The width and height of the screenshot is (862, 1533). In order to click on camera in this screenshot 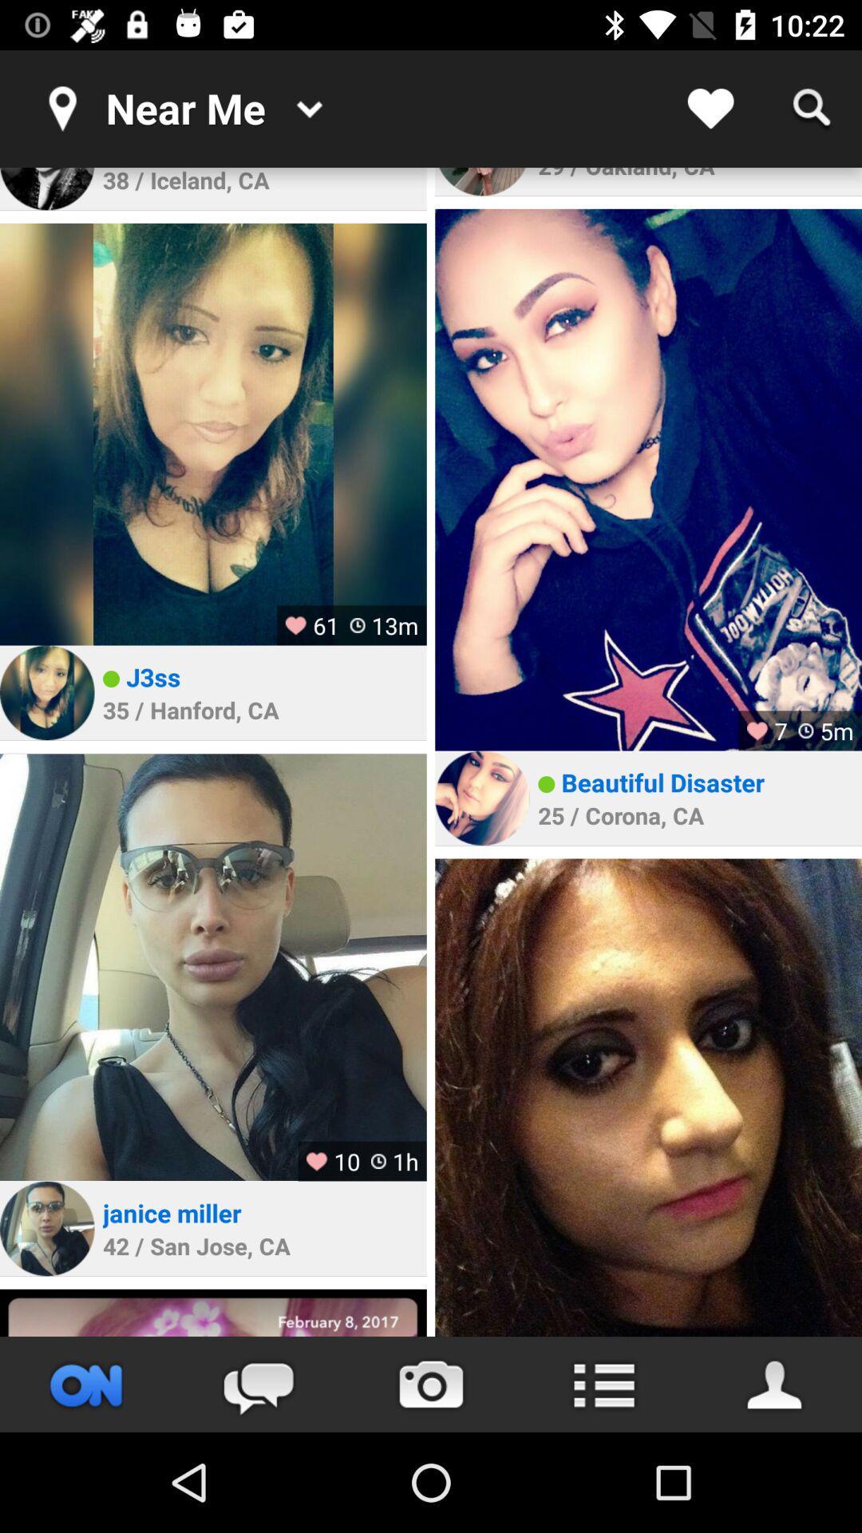, I will do `click(431, 1384)`.